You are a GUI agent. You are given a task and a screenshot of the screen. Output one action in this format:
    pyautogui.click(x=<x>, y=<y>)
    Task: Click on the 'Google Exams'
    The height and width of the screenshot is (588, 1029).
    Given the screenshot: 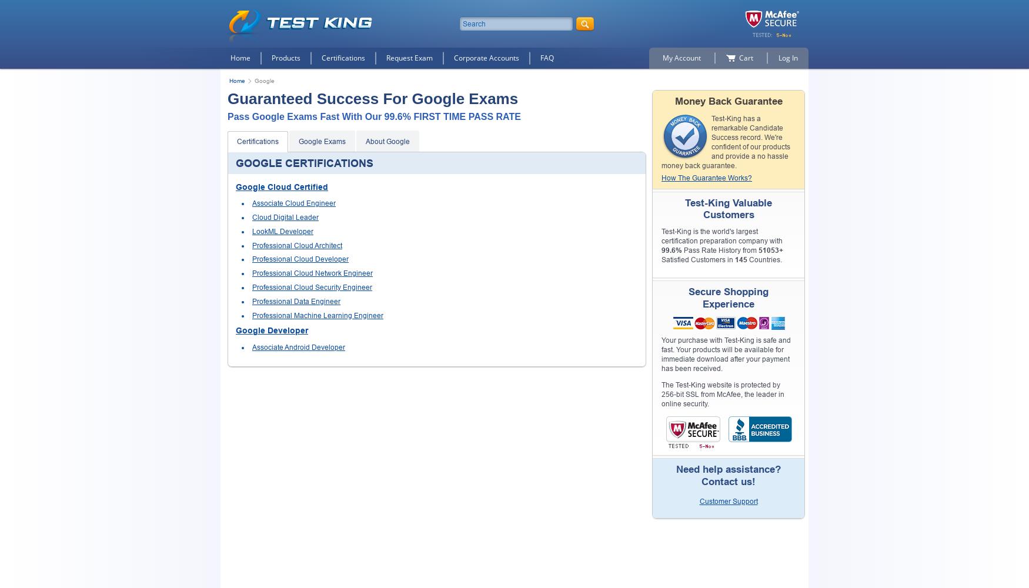 What is the action you would take?
    pyautogui.click(x=321, y=141)
    